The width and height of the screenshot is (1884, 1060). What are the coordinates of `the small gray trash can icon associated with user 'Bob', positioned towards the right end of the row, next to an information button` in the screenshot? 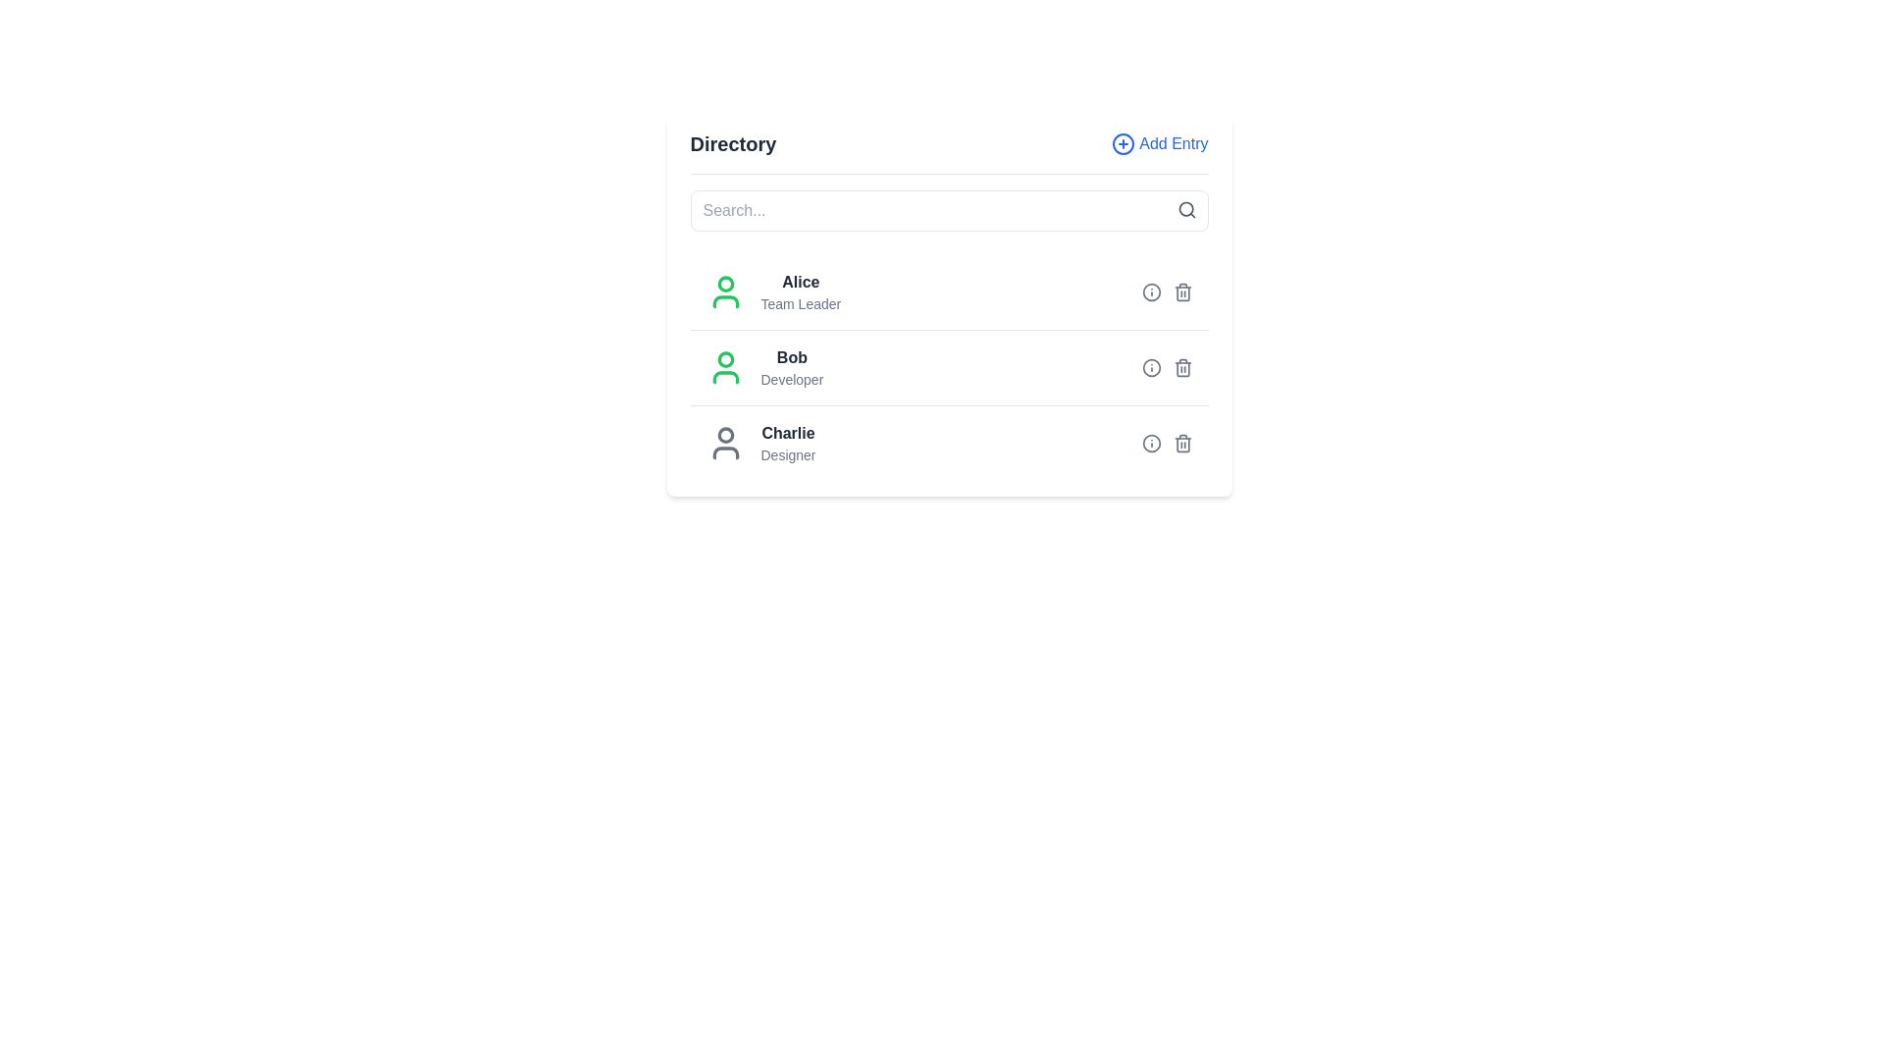 It's located at (1181, 367).